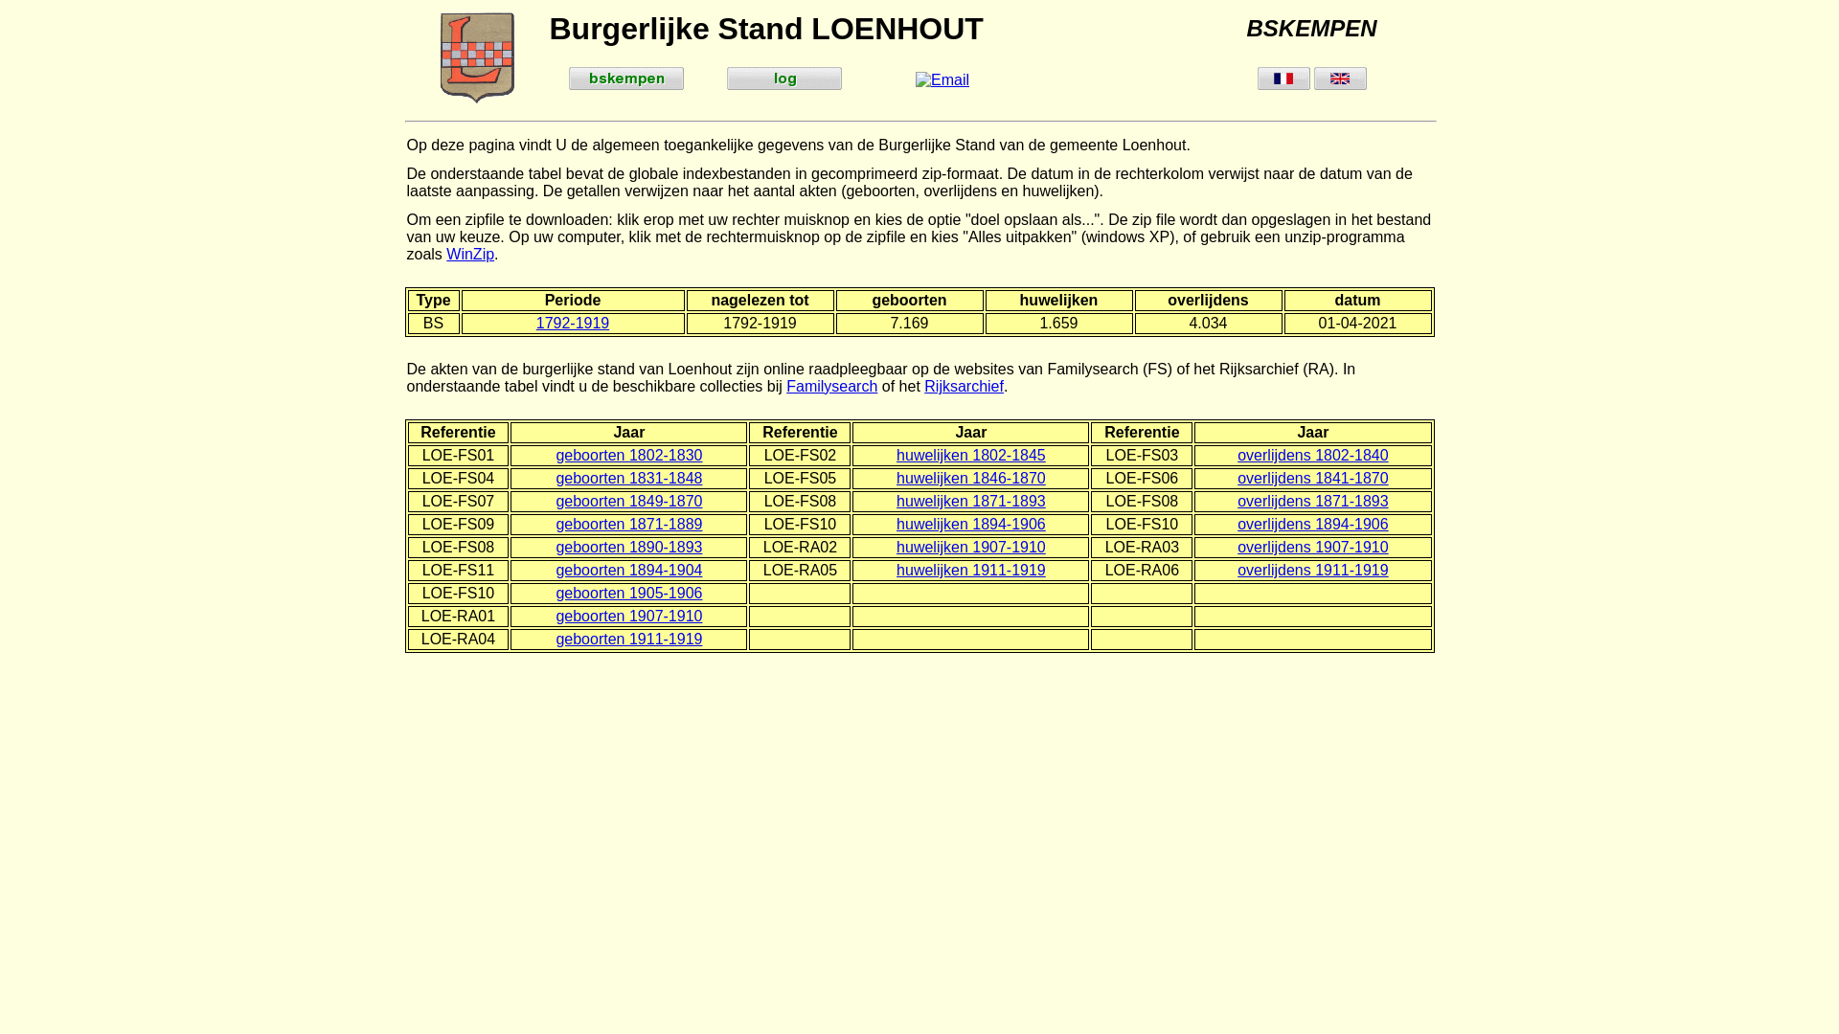 This screenshot has width=1839, height=1034. I want to click on 'geboorten 1905-1906', so click(628, 592).